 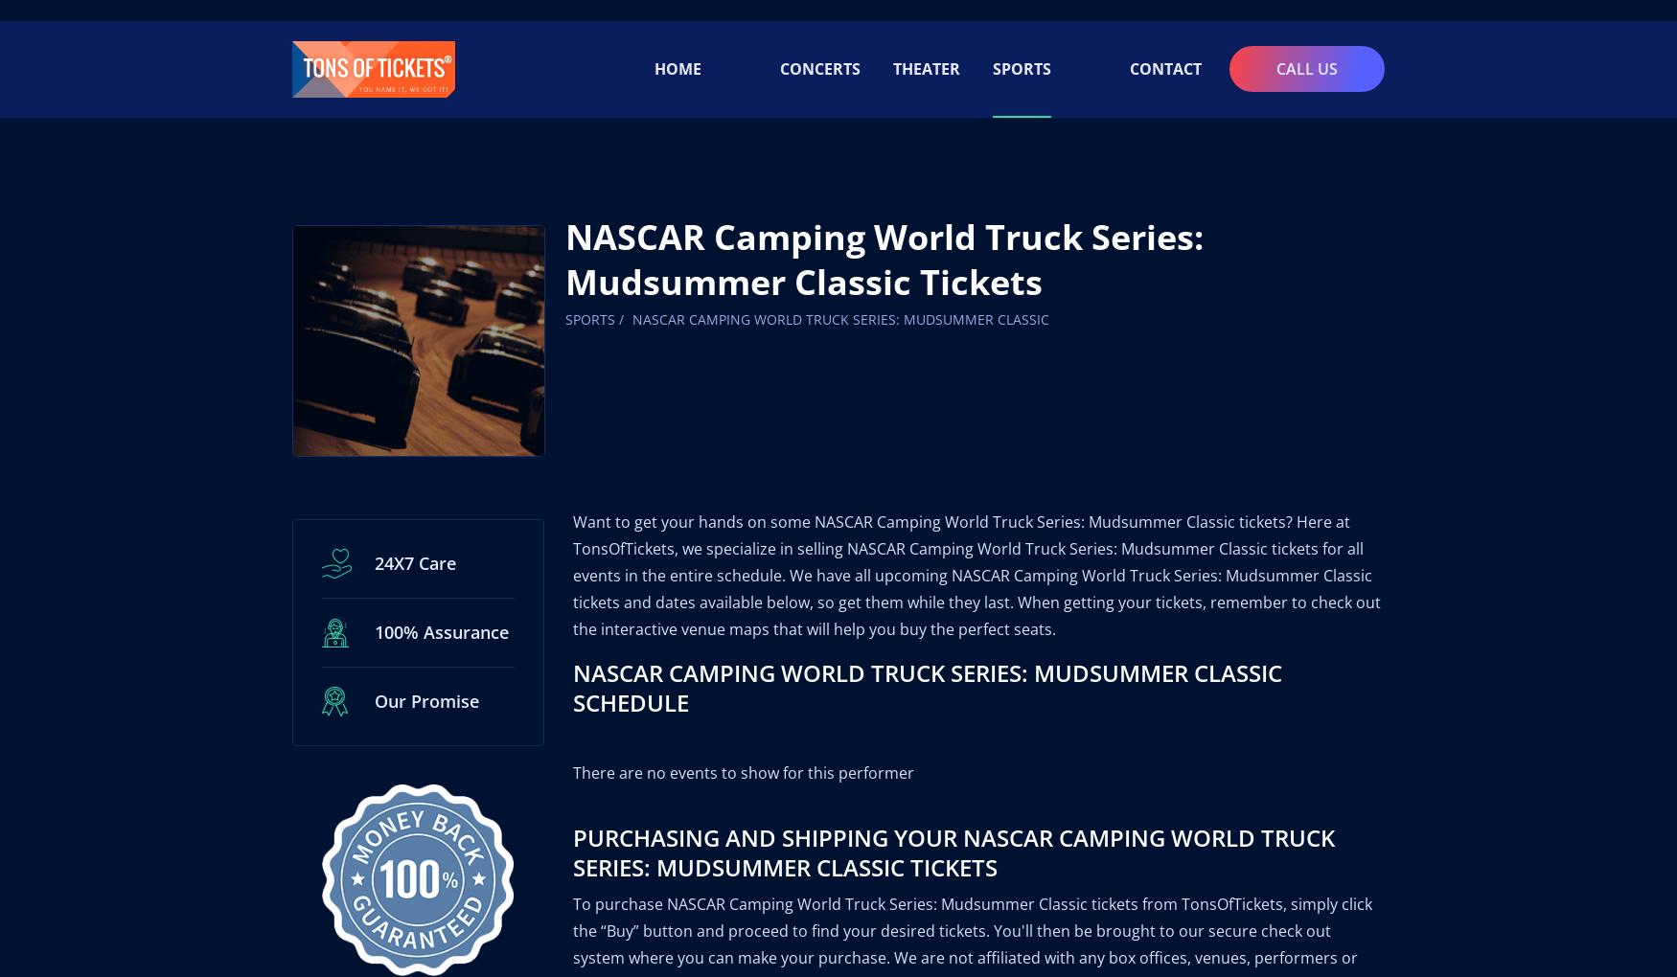 I want to click on '100% Assurance', so click(x=373, y=611).